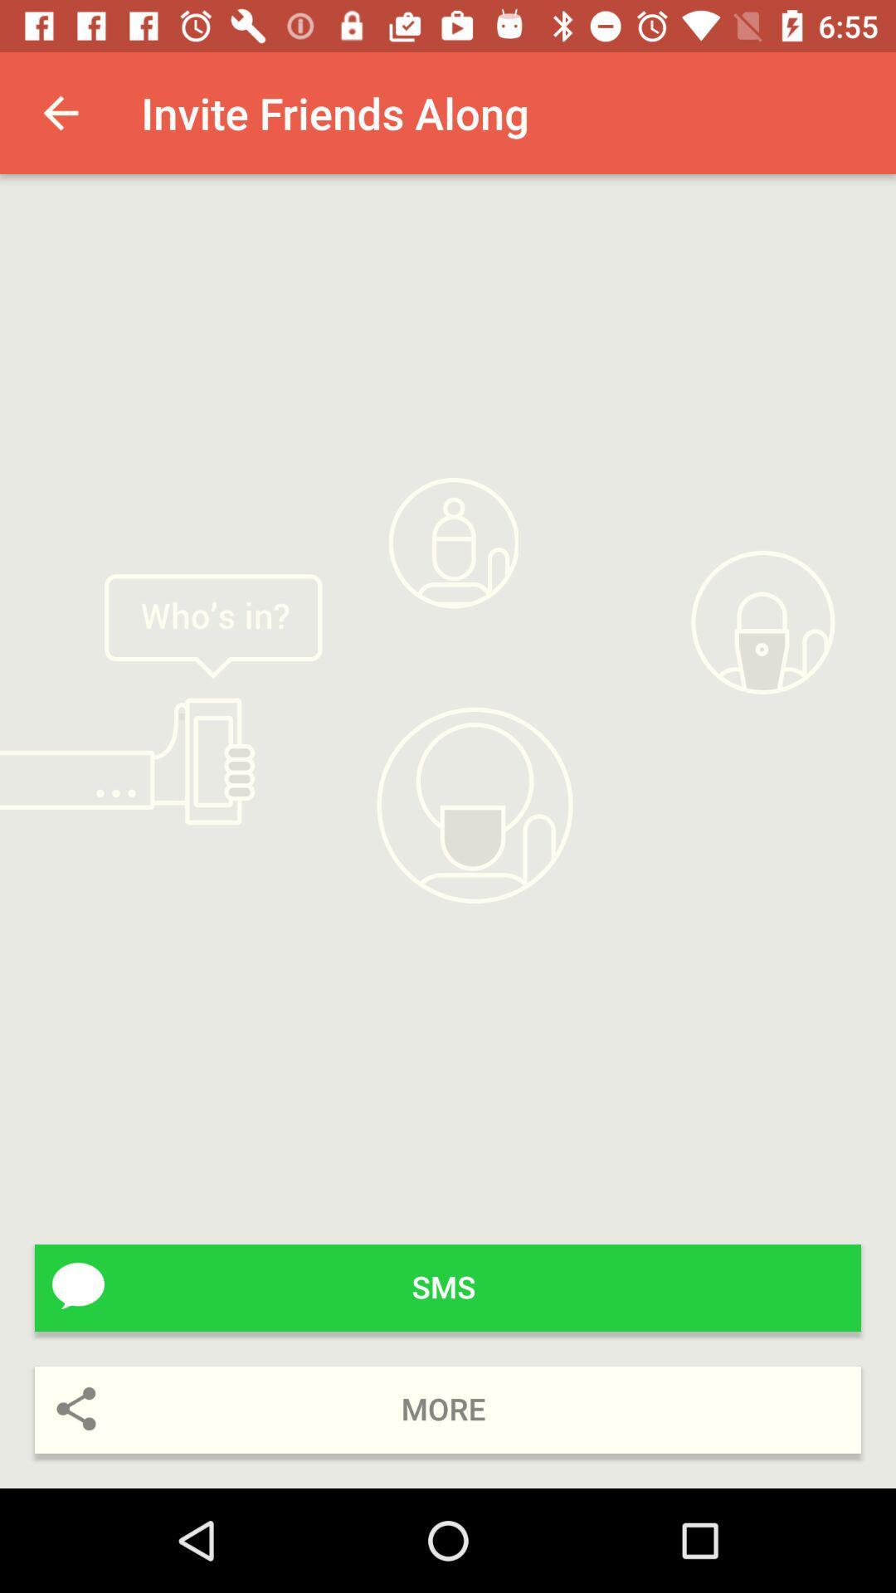  Describe the element at coordinates (448, 1409) in the screenshot. I see `the icon below sms` at that location.